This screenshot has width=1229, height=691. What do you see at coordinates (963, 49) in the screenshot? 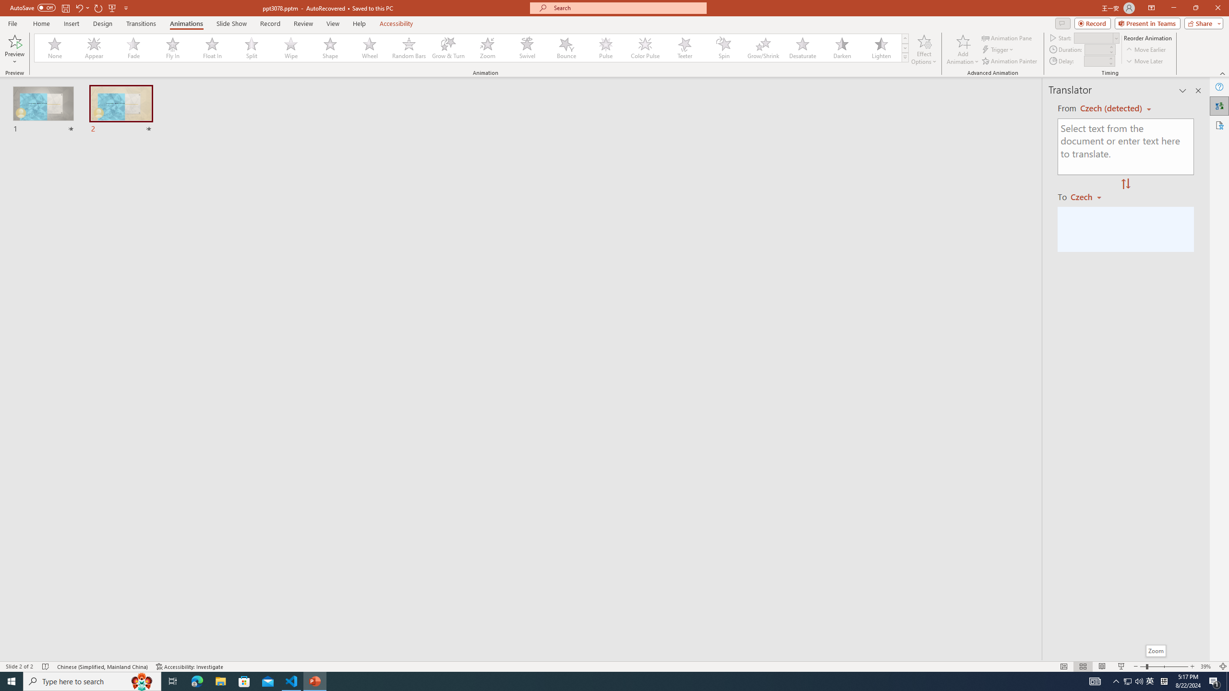
I see `'Add Animation'` at bounding box center [963, 49].